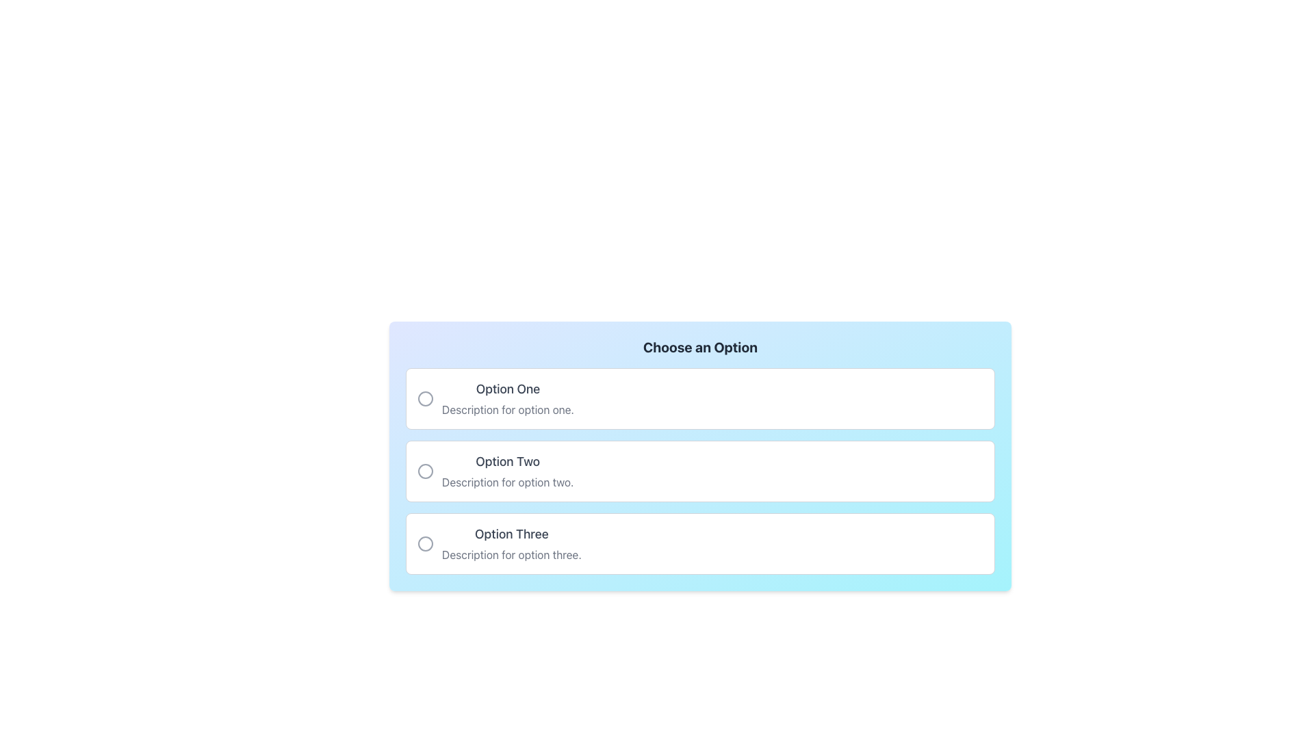 Image resolution: width=1314 pixels, height=739 pixels. What do you see at coordinates (507, 482) in the screenshot?
I see `the non-interactive text label providing additional information about 'Option Two', located directly below it in a vertical list` at bounding box center [507, 482].